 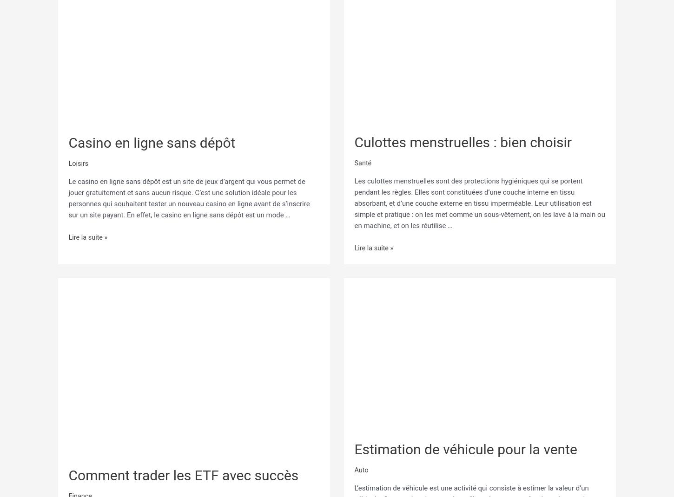 I want to click on 'Le casino en ligne sans dépôt est un site de jeux d’argent qui vous permet de jouer gratuitement et sans aucun risque. C’est une solution idéale pour les personnes qui souhaitent tester un nouveau casino en ligne avant de s’inscrire sur un site payant. En effet, le casino en ligne sans dépôt est un mode …', so click(x=68, y=195).